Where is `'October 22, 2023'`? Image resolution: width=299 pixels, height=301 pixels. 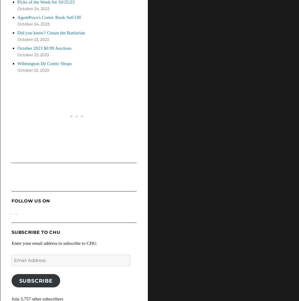 'October 22, 2023' is located at coordinates (32, 70).